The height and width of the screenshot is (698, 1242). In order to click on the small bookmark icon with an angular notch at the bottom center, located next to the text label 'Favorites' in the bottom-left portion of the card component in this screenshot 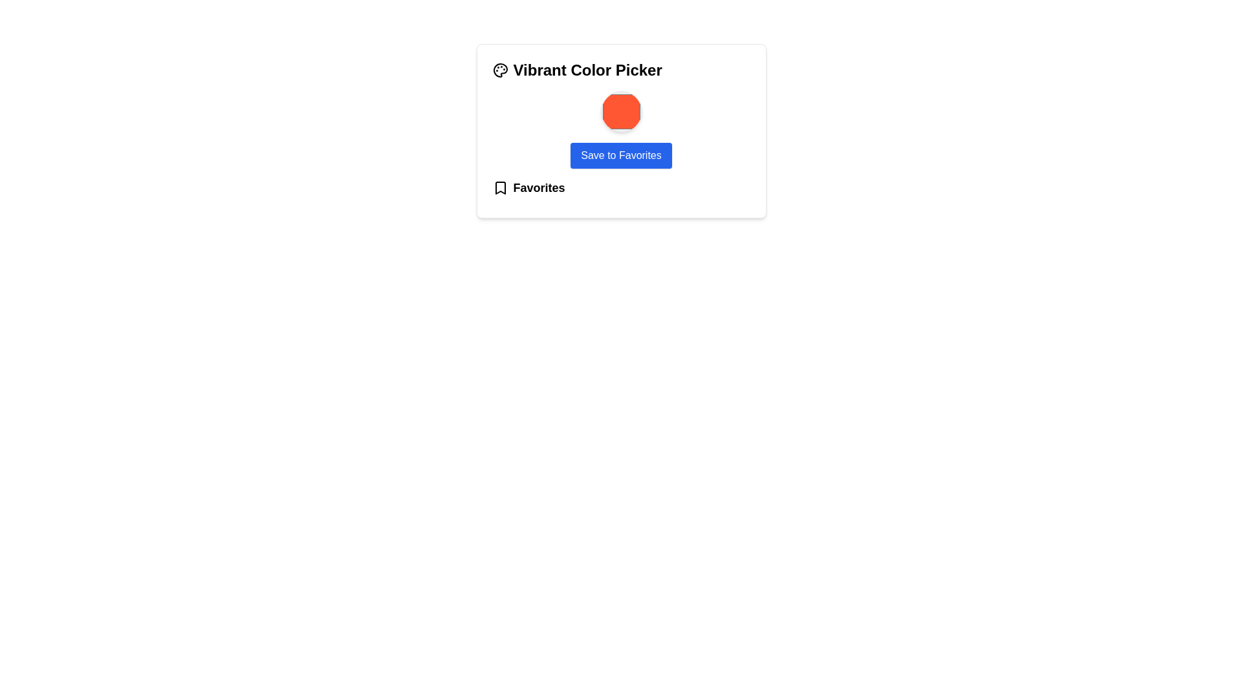, I will do `click(499, 187)`.